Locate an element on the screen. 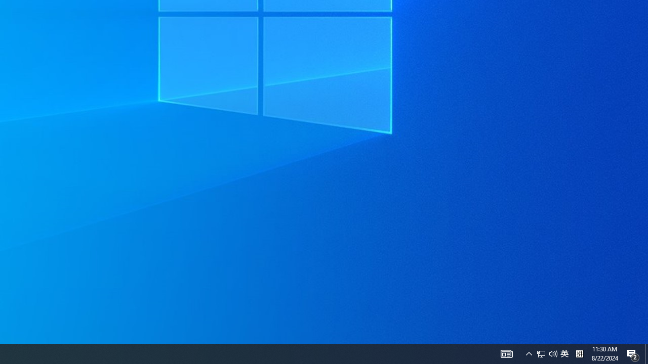  'Action Center, 2 new notifications' is located at coordinates (633, 353).